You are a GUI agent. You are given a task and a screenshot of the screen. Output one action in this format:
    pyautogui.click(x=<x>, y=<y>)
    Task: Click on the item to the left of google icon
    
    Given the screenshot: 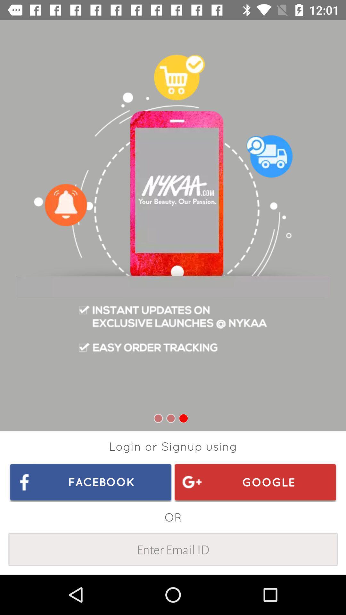 What is the action you would take?
    pyautogui.click(x=91, y=482)
    